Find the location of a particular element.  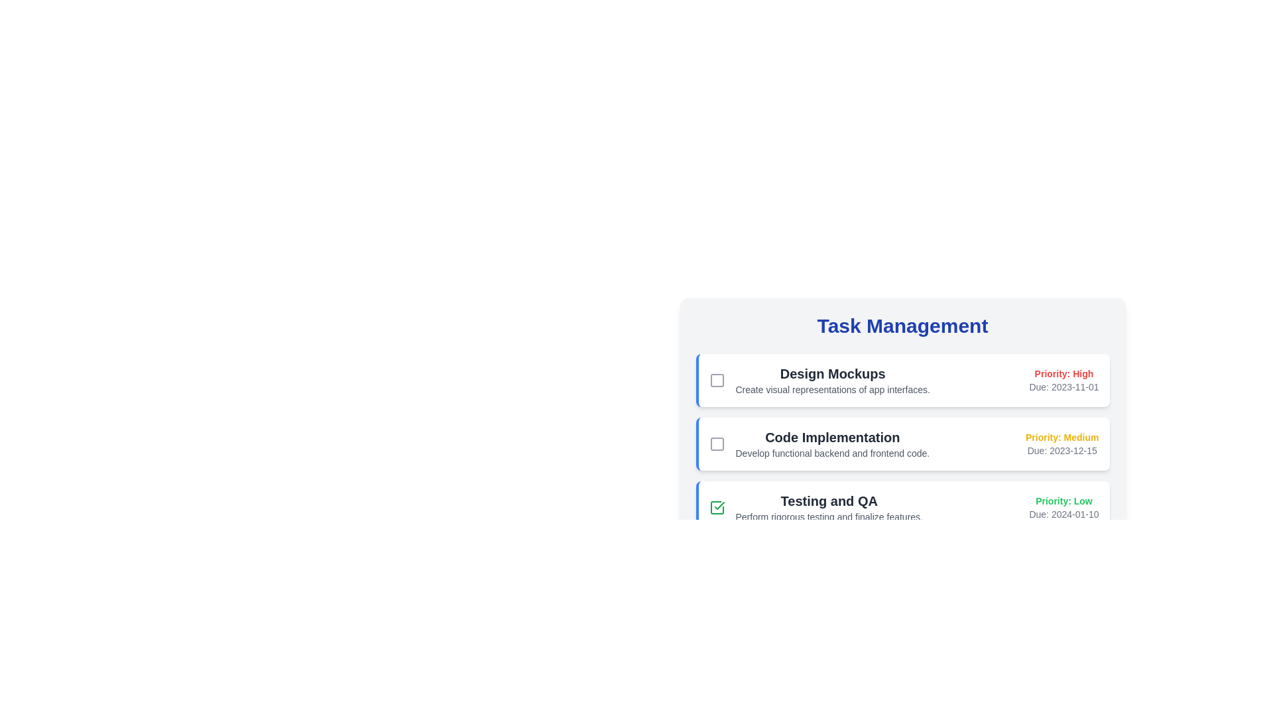

the static text label displaying 'Priority: High' in bold red font, indicating the task's priority level is located at coordinates (1063, 373).